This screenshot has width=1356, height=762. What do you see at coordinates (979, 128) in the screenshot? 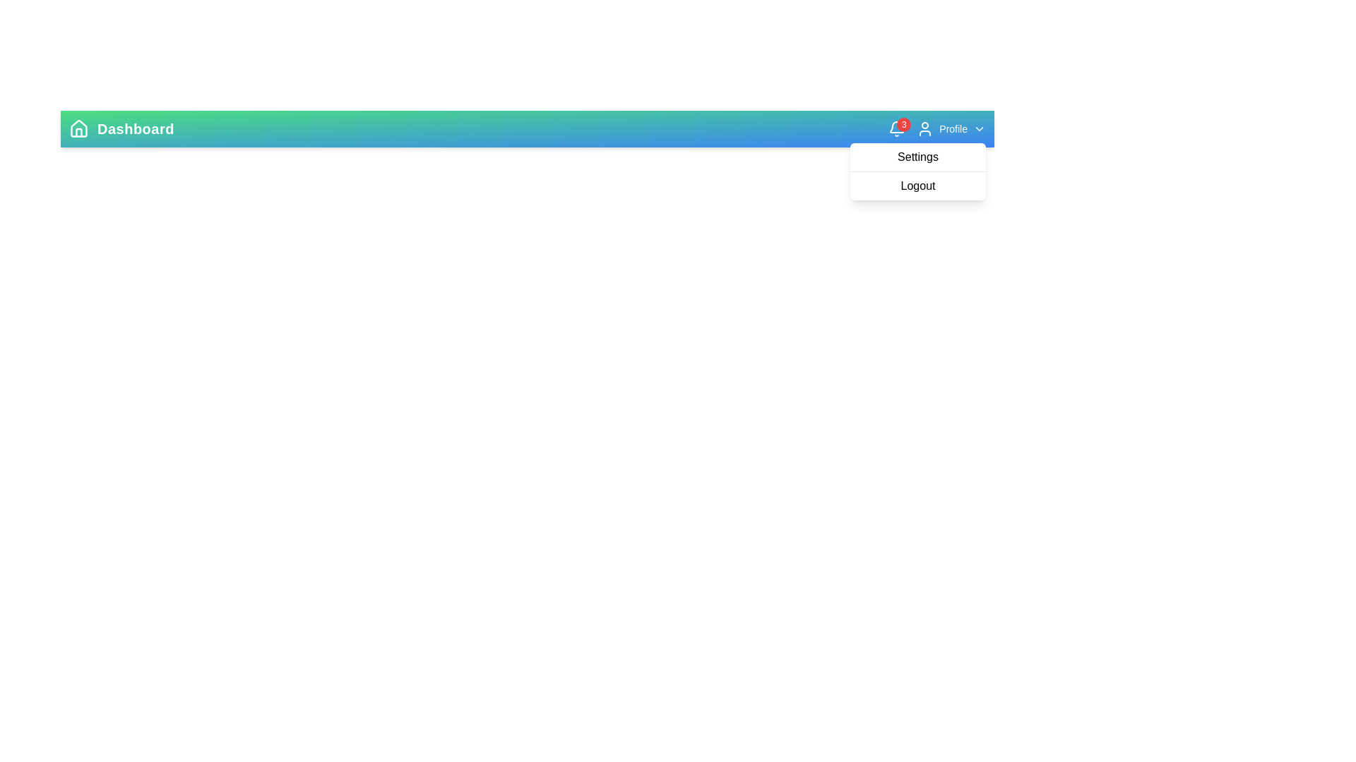
I see `the ChevronDown icon to open the dropdown menu` at bounding box center [979, 128].